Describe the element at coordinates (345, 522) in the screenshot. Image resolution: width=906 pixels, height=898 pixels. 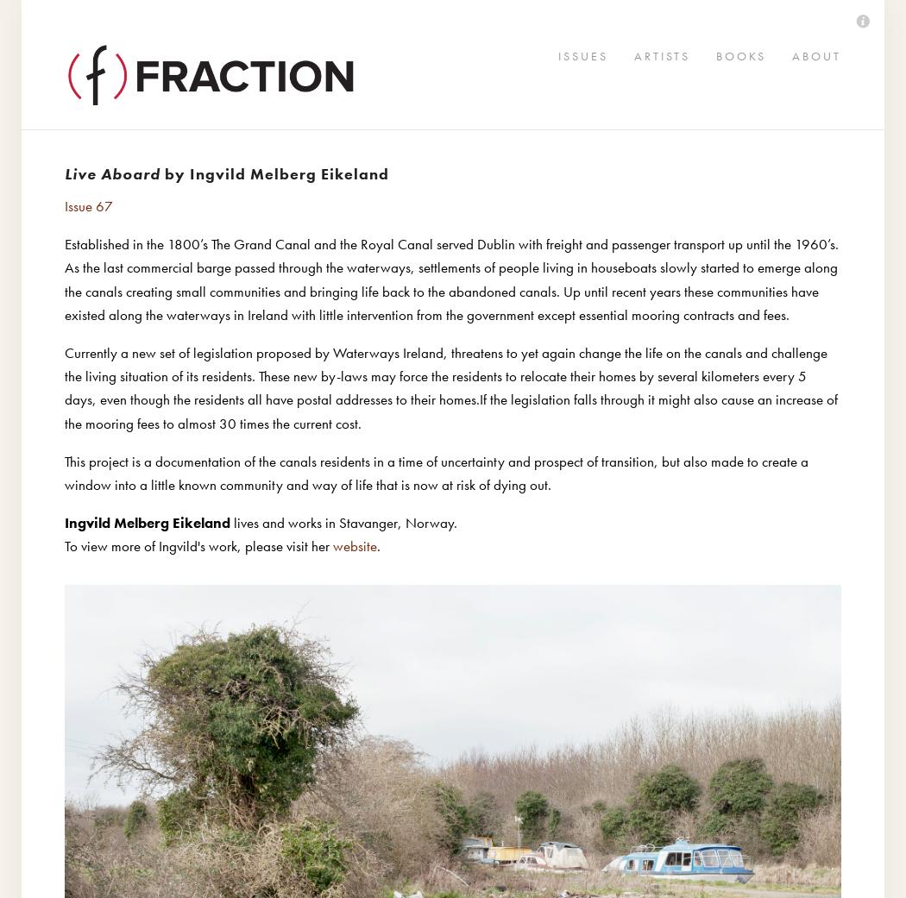
I see `'lives and works in Stavanger, Norway.'` at that location.